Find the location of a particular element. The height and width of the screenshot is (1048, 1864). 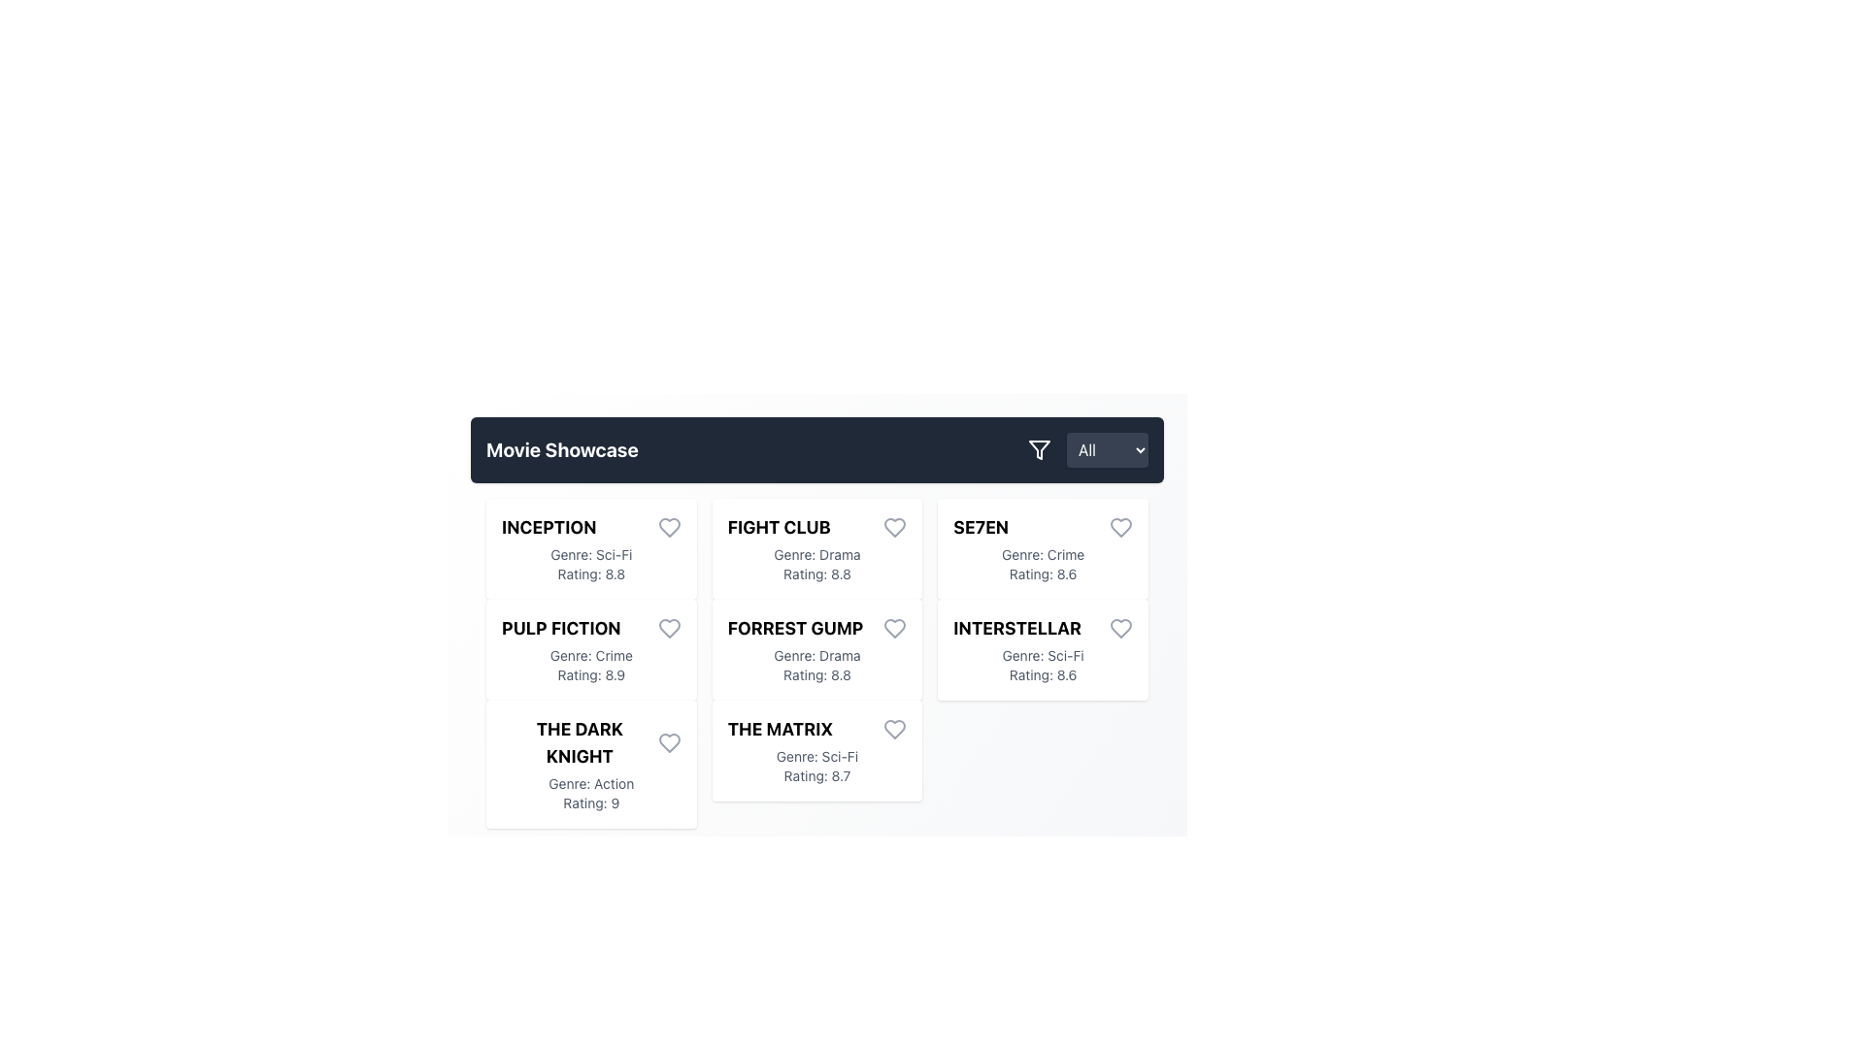

'Crime' text label located in the 'Pulp Fiction' movie card, which is displayed alongside the 'Genre:' label is located at coordinates (613, 655).